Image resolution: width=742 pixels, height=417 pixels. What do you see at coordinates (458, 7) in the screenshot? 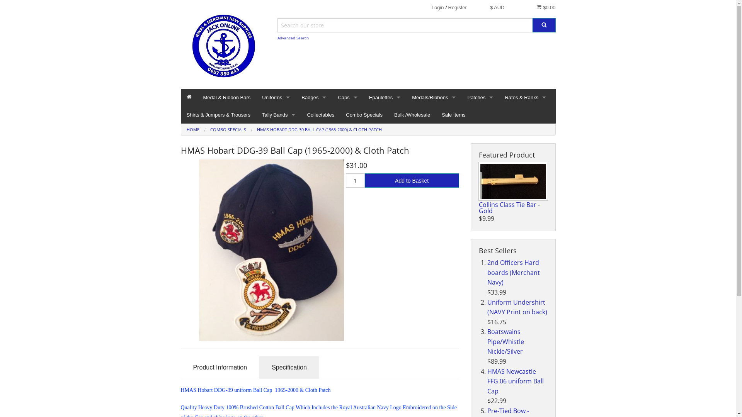
I see `'Register'` at bounding box center [458, 7].